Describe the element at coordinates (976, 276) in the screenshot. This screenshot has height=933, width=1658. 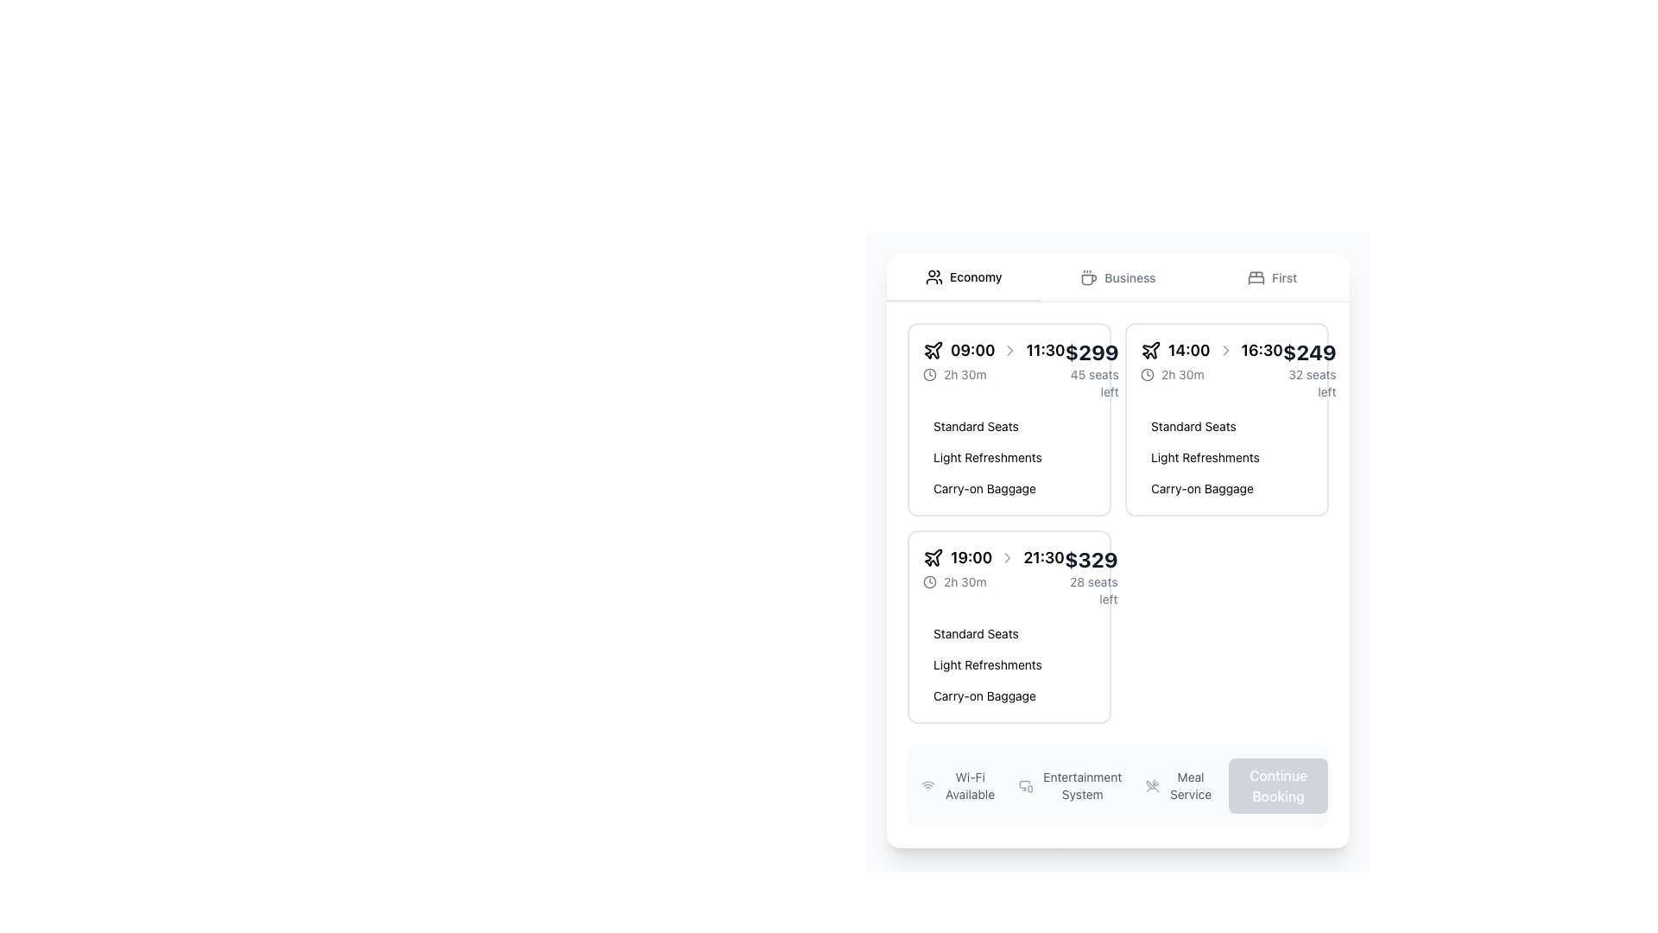
I see `the 'Economy' text label in the horizontal navigation bar` at that location.